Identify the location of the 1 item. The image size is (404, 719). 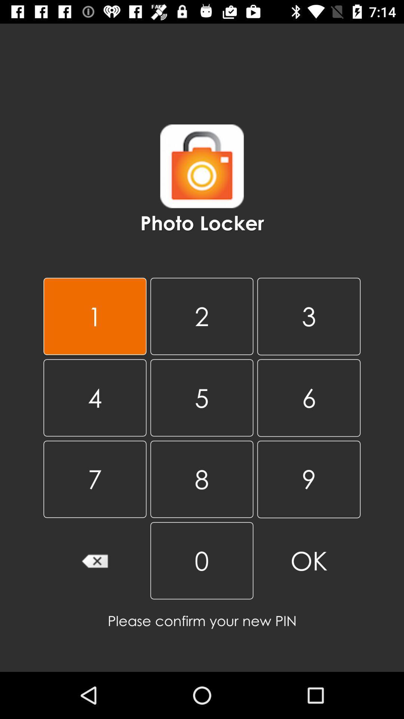
(94, 316).